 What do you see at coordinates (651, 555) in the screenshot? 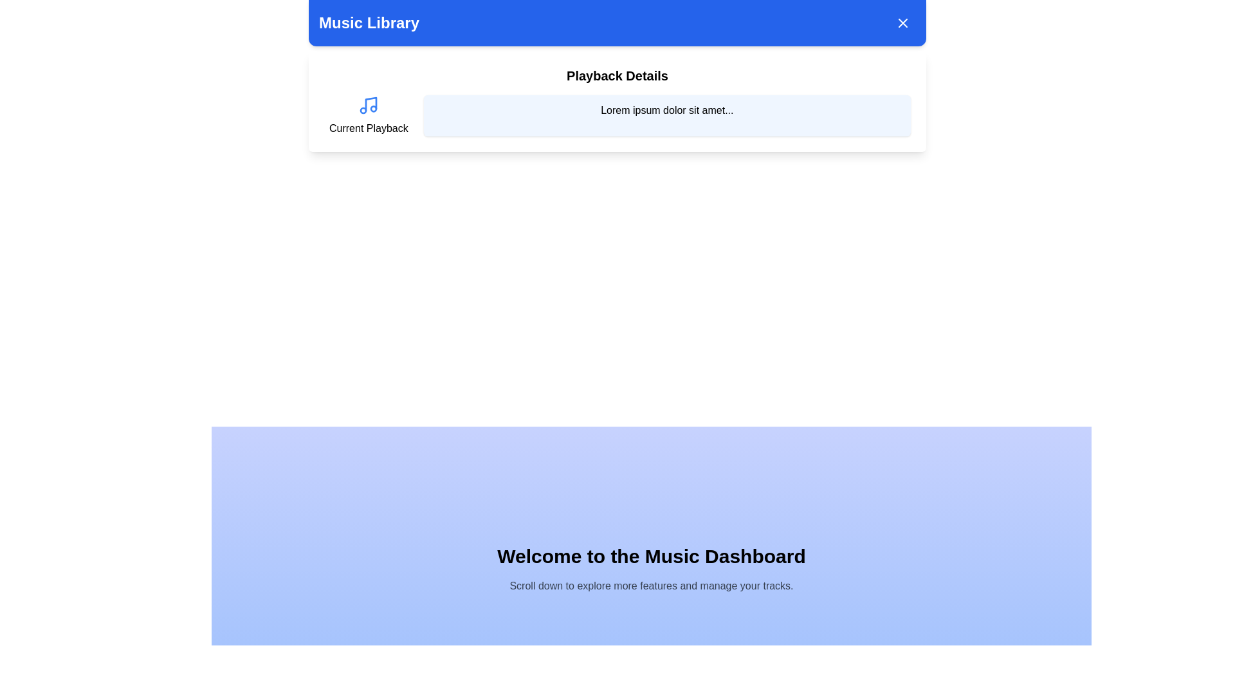
I see `the bold headline 'Welcome to the Music Dashboard' which is prominently displayed in large font against a blue background` at bounding box center [651, 555].